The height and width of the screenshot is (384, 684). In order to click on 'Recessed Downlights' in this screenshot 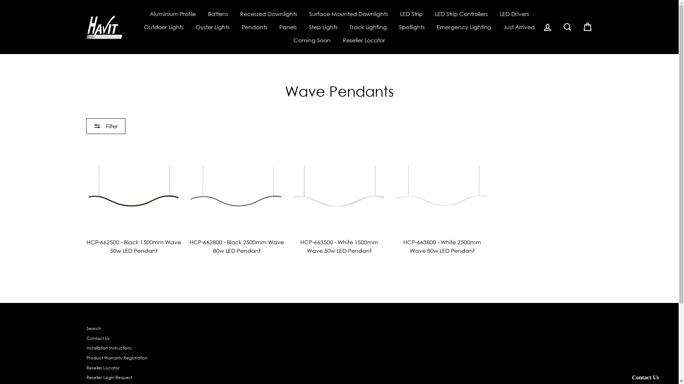, I will do `click(234, 14)`.